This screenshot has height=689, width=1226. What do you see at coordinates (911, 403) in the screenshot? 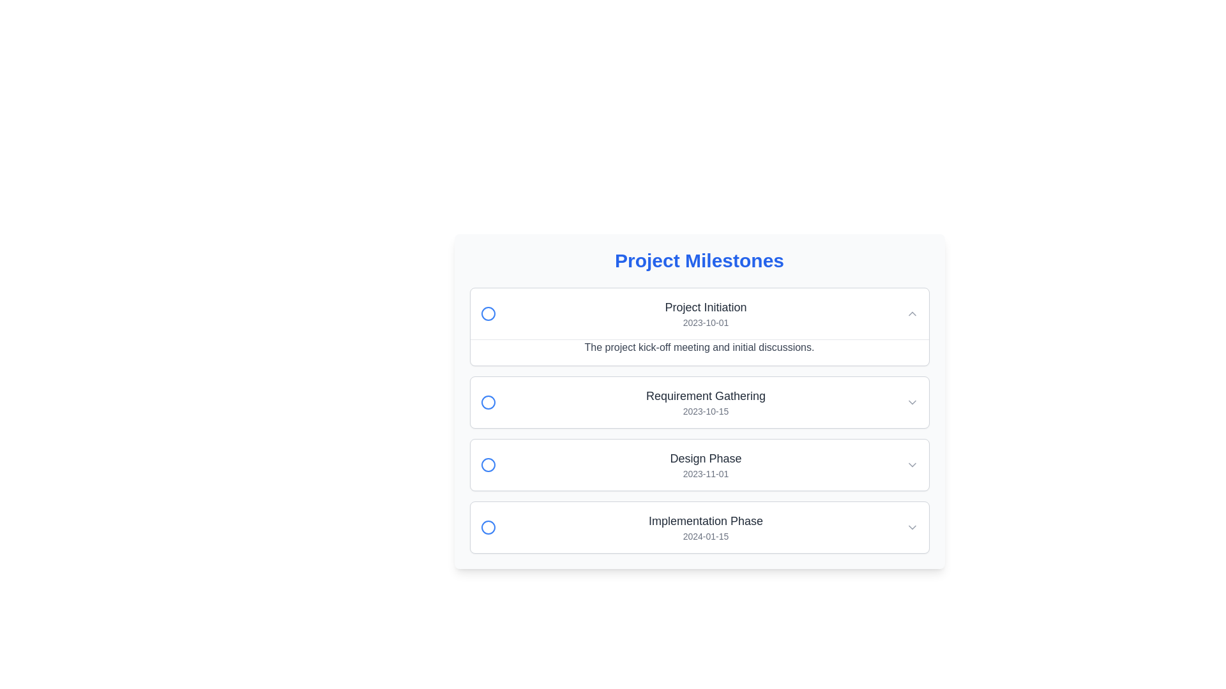
I see `the dropdown chevron icon located at the bottom right corner of the 'Requirement Gathering' card` at bounding box center [911, 403].